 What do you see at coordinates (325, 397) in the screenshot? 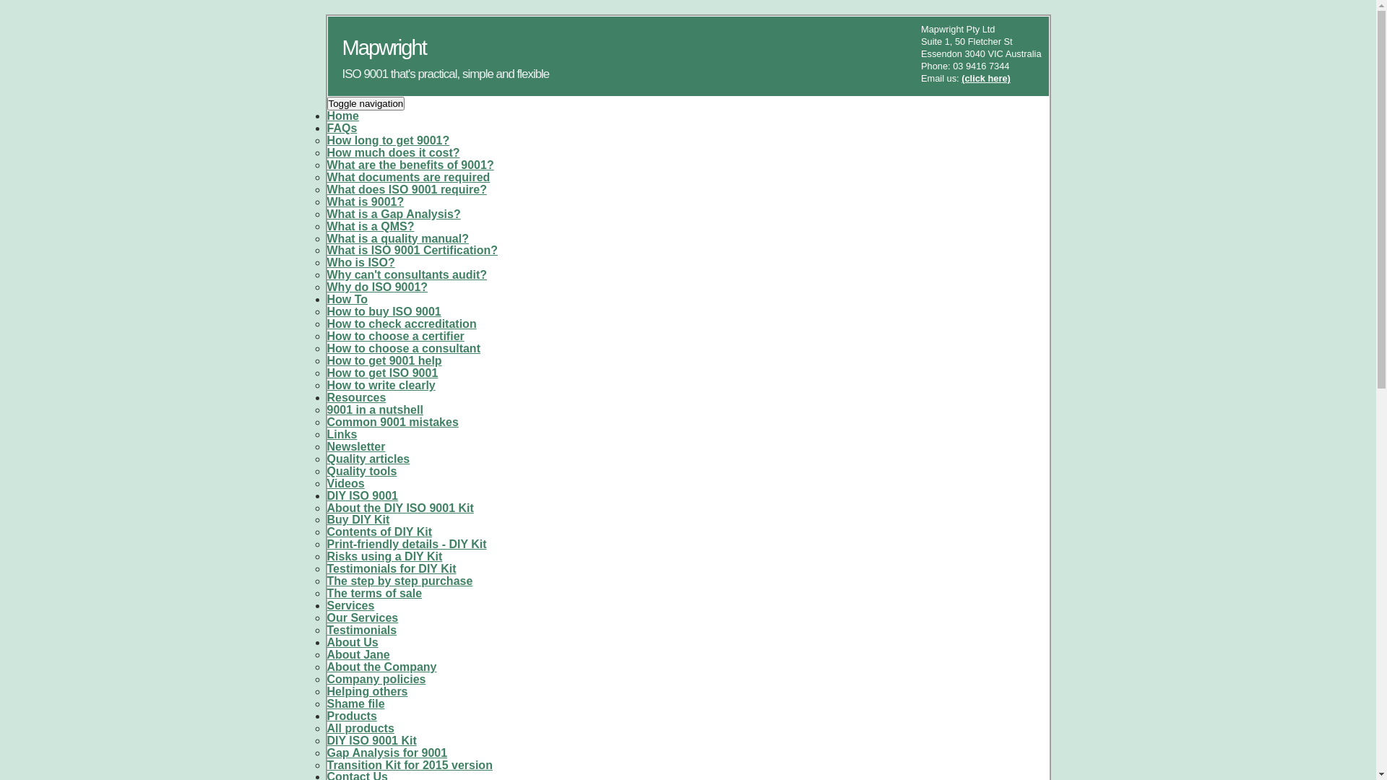
I see `'Resources'` at bounding box center [325, 397].